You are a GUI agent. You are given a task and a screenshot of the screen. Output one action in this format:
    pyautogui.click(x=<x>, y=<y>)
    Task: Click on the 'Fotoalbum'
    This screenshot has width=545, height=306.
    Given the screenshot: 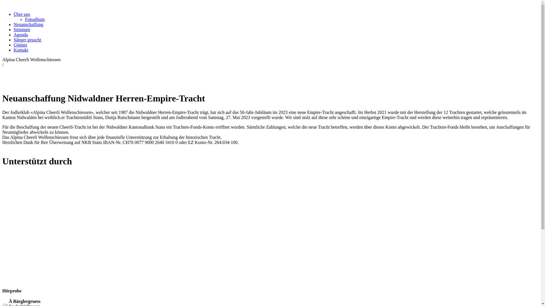 What is the action you would take?
    pyautogui.click(x=24, y=19)
    